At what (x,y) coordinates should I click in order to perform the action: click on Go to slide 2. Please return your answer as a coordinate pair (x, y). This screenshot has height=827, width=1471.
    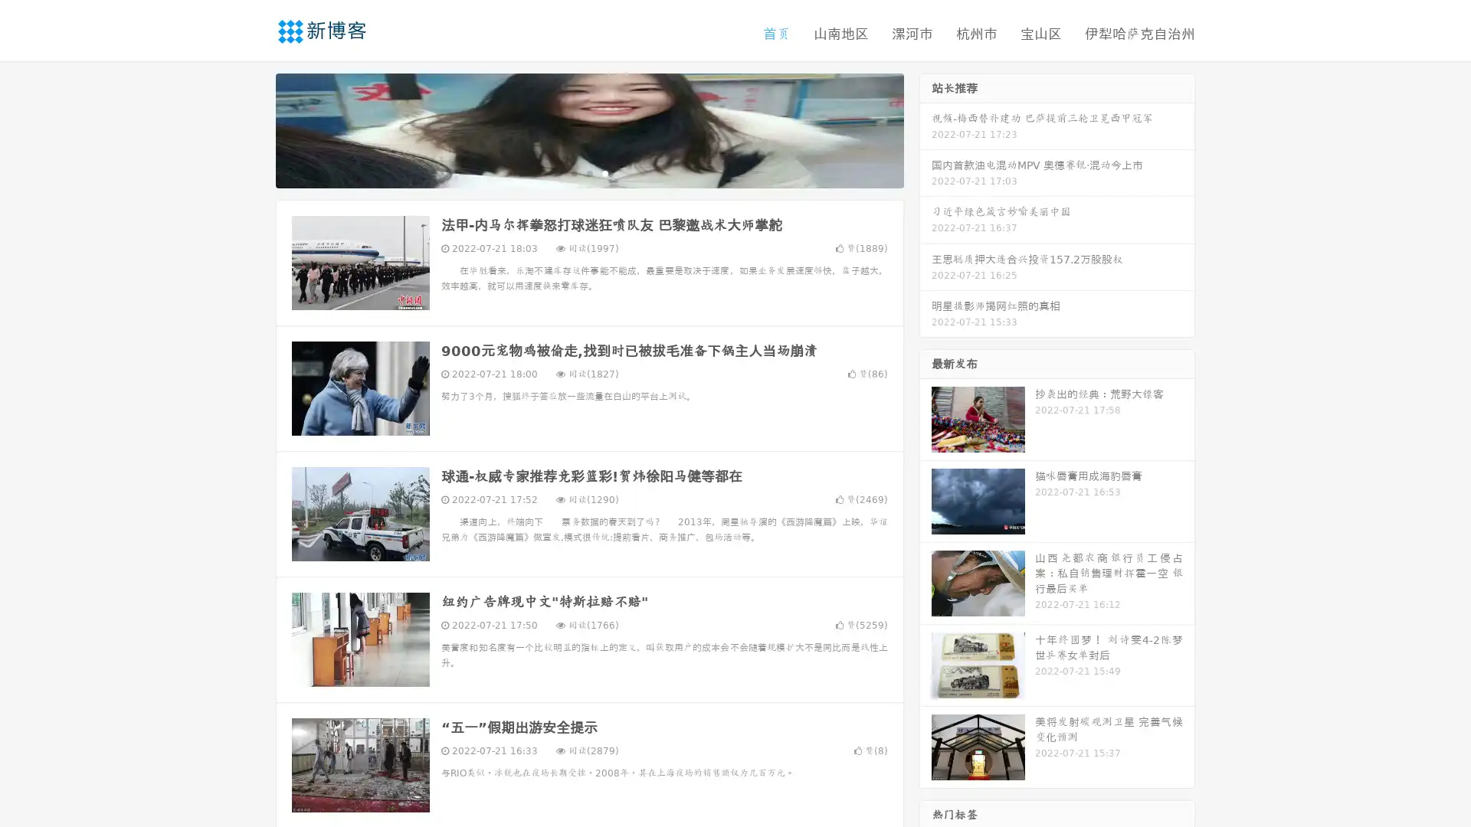
    Looking at the image, I should click on (588, 172).